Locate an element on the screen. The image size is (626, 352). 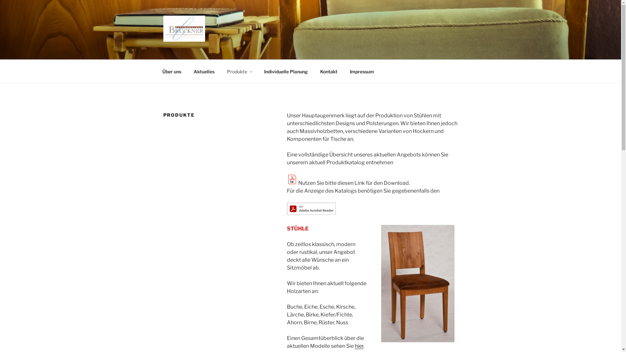
'Individuelle Planung' is located at coordinates (258, 71).